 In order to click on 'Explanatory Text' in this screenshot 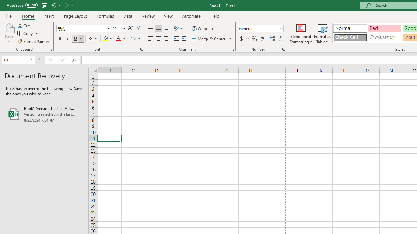, I will do `click(384, 37)`.